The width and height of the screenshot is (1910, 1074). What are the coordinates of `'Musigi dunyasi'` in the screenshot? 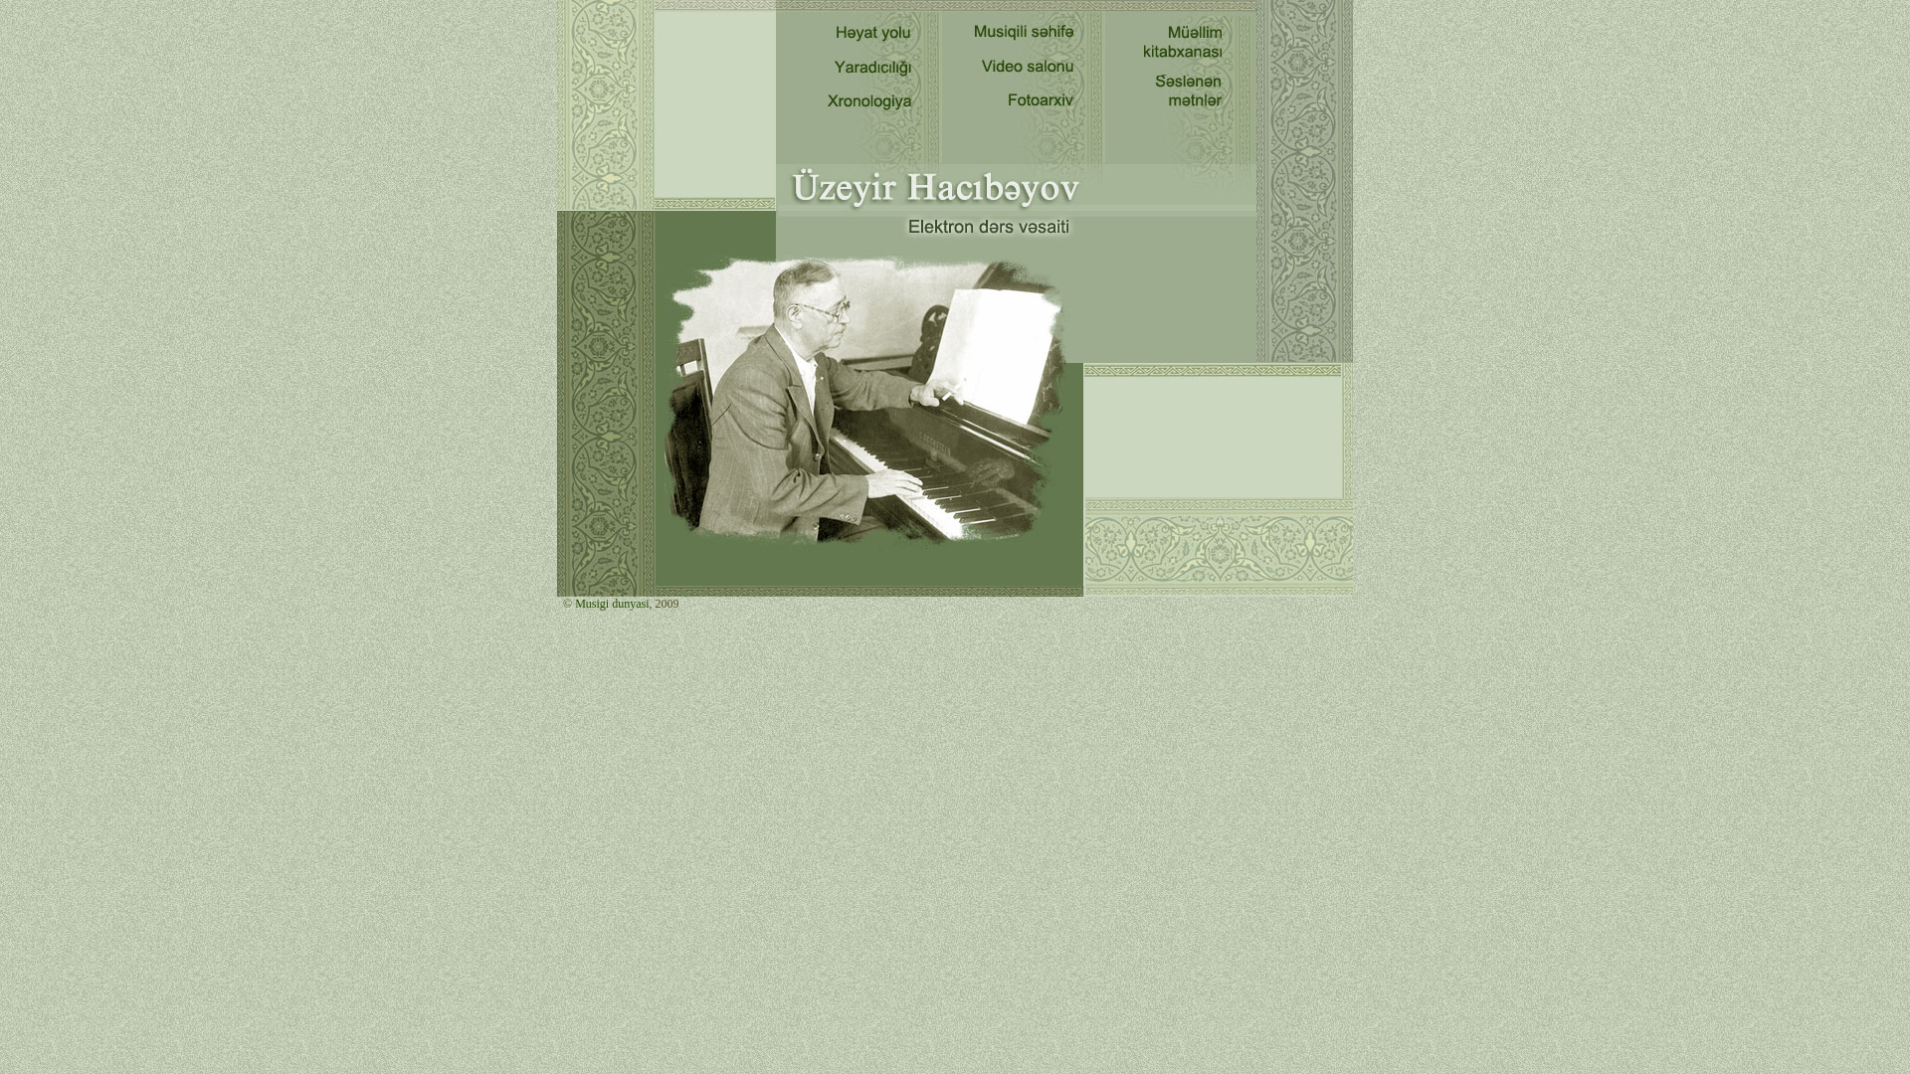 It's located at (609, 602).